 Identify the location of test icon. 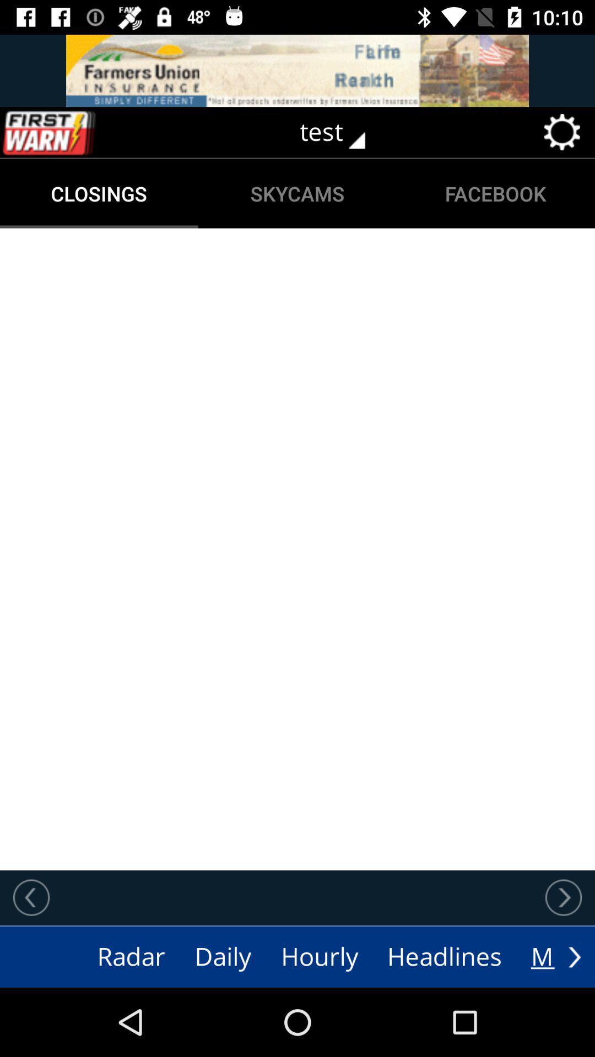
(339, 132).